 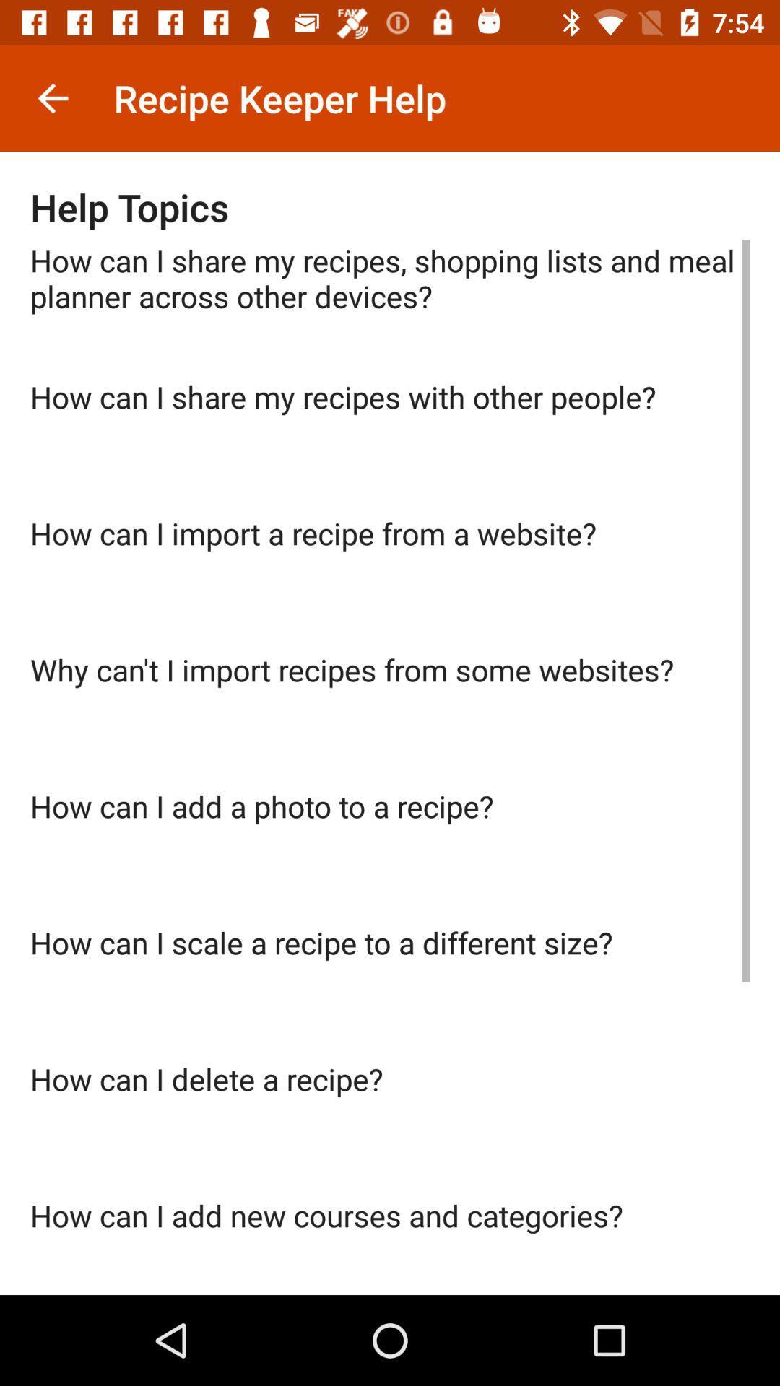 What do you see at coordinates (52, 97) in the screenshot?
I see `item to the left of the recipe keeper help app` at bounding box center [52, 97].